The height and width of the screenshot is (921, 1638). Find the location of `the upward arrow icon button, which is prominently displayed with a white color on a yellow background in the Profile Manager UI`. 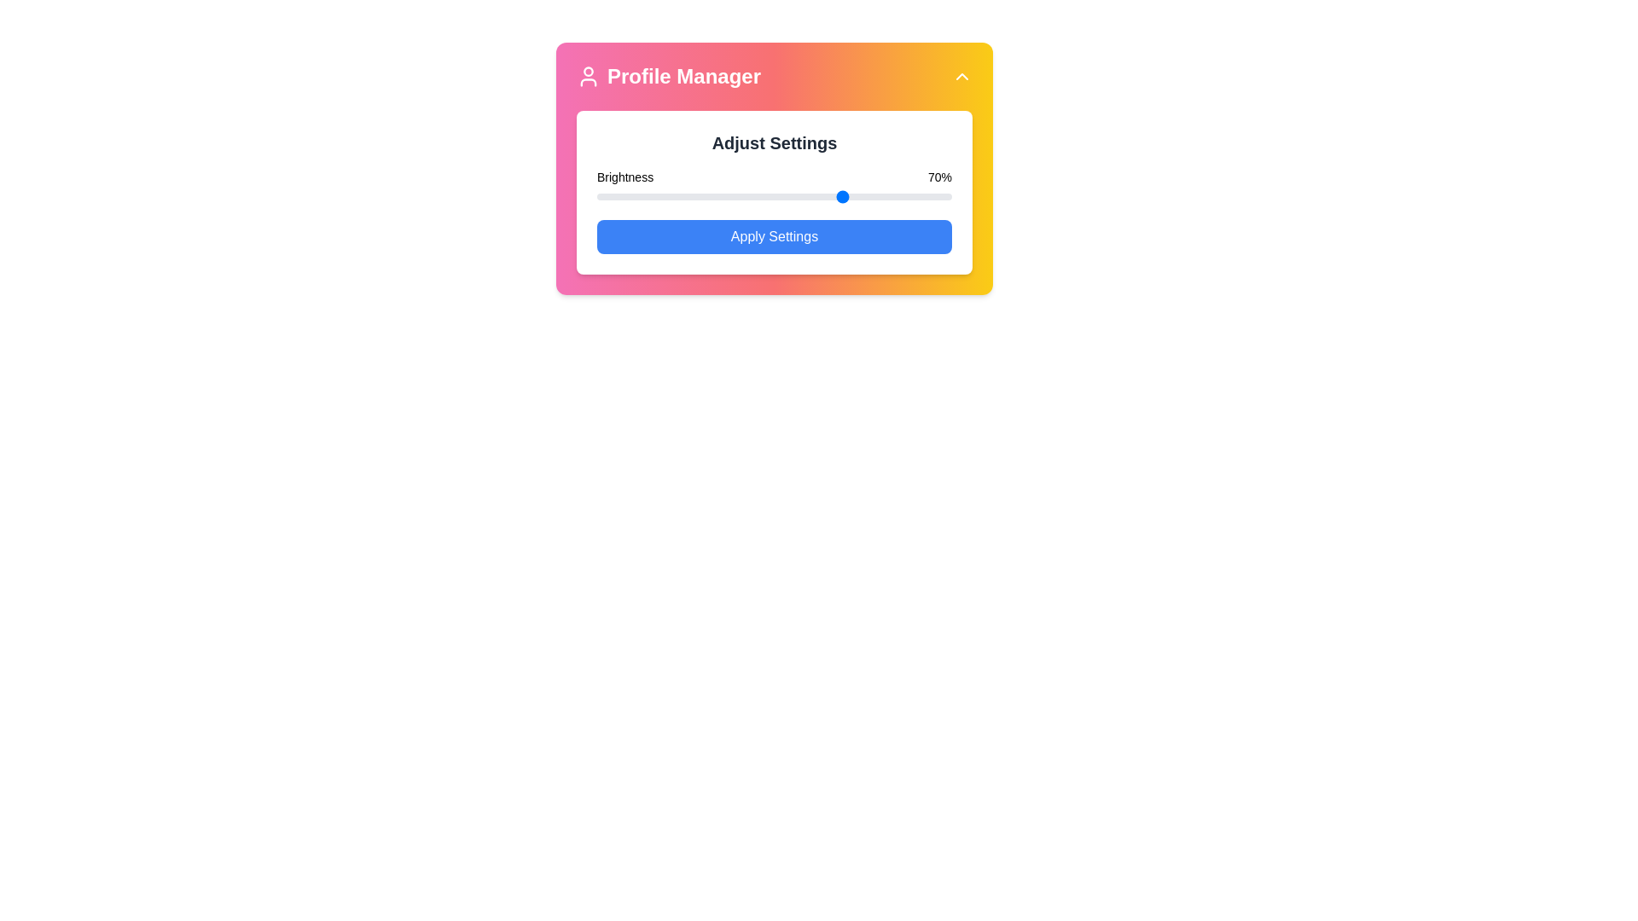

the upward arrow icon button, which is prominently displayed with a white color on a yellow background in the Profile Manager UI is located at coordinates (962, 75).